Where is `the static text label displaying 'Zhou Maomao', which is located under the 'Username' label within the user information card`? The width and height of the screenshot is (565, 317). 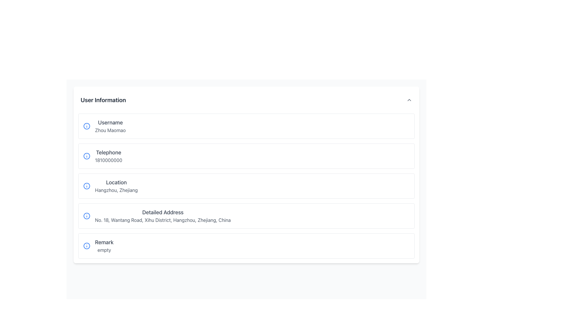 the static text label displaying 'Zhou Maomao', which is located under the 'Username' label within the user information card is located at coordinates (110, 130).